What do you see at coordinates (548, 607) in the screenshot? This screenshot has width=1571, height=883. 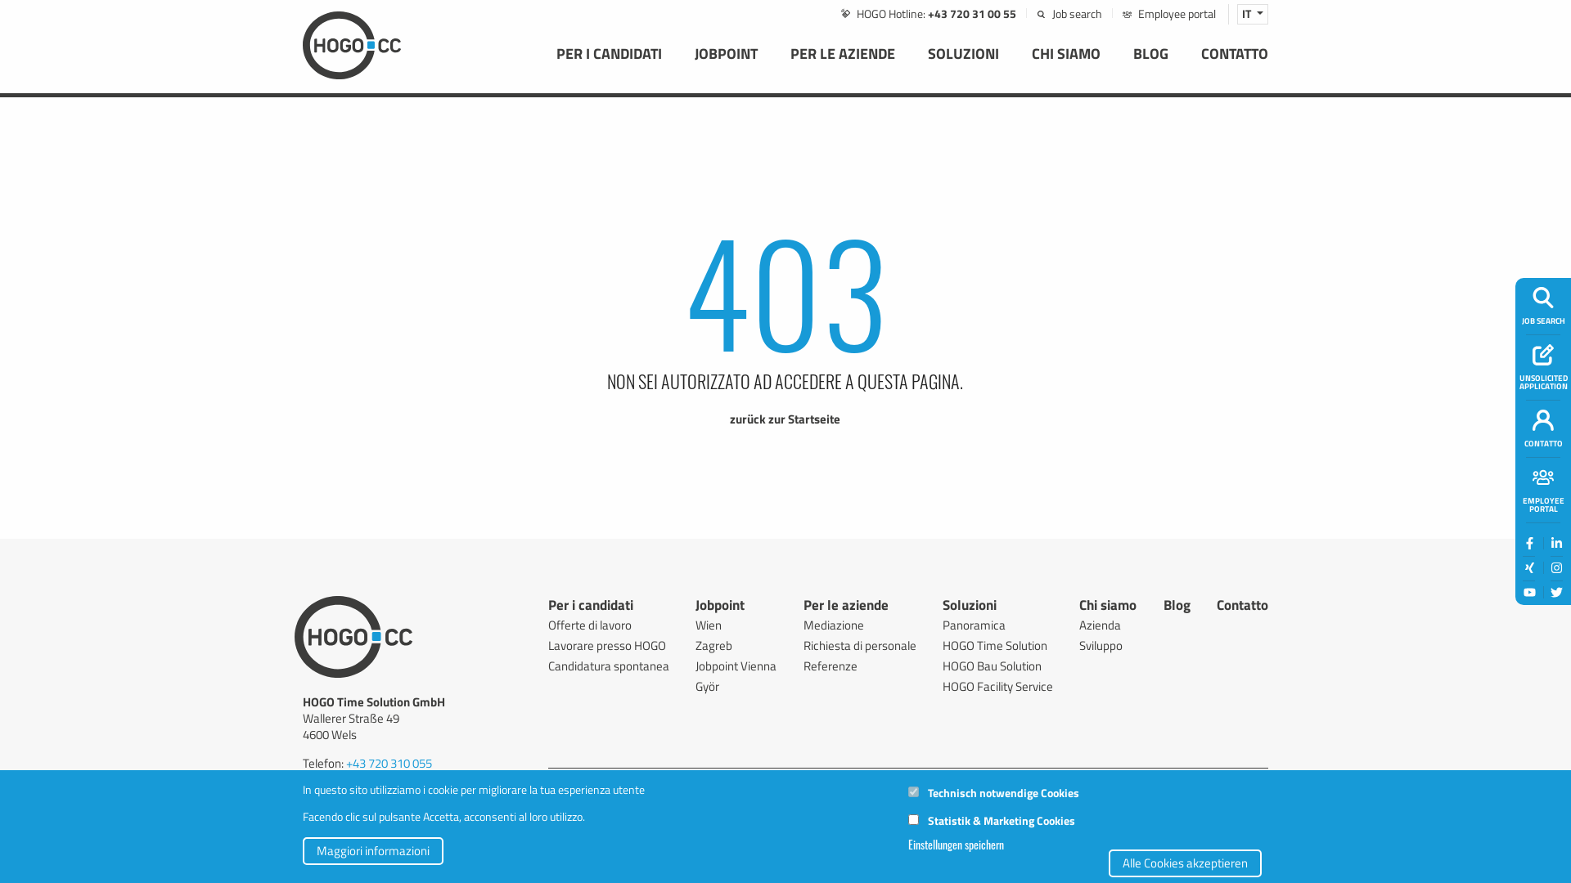 I see `'Per i candidati'` at bounding box center [548, 607].